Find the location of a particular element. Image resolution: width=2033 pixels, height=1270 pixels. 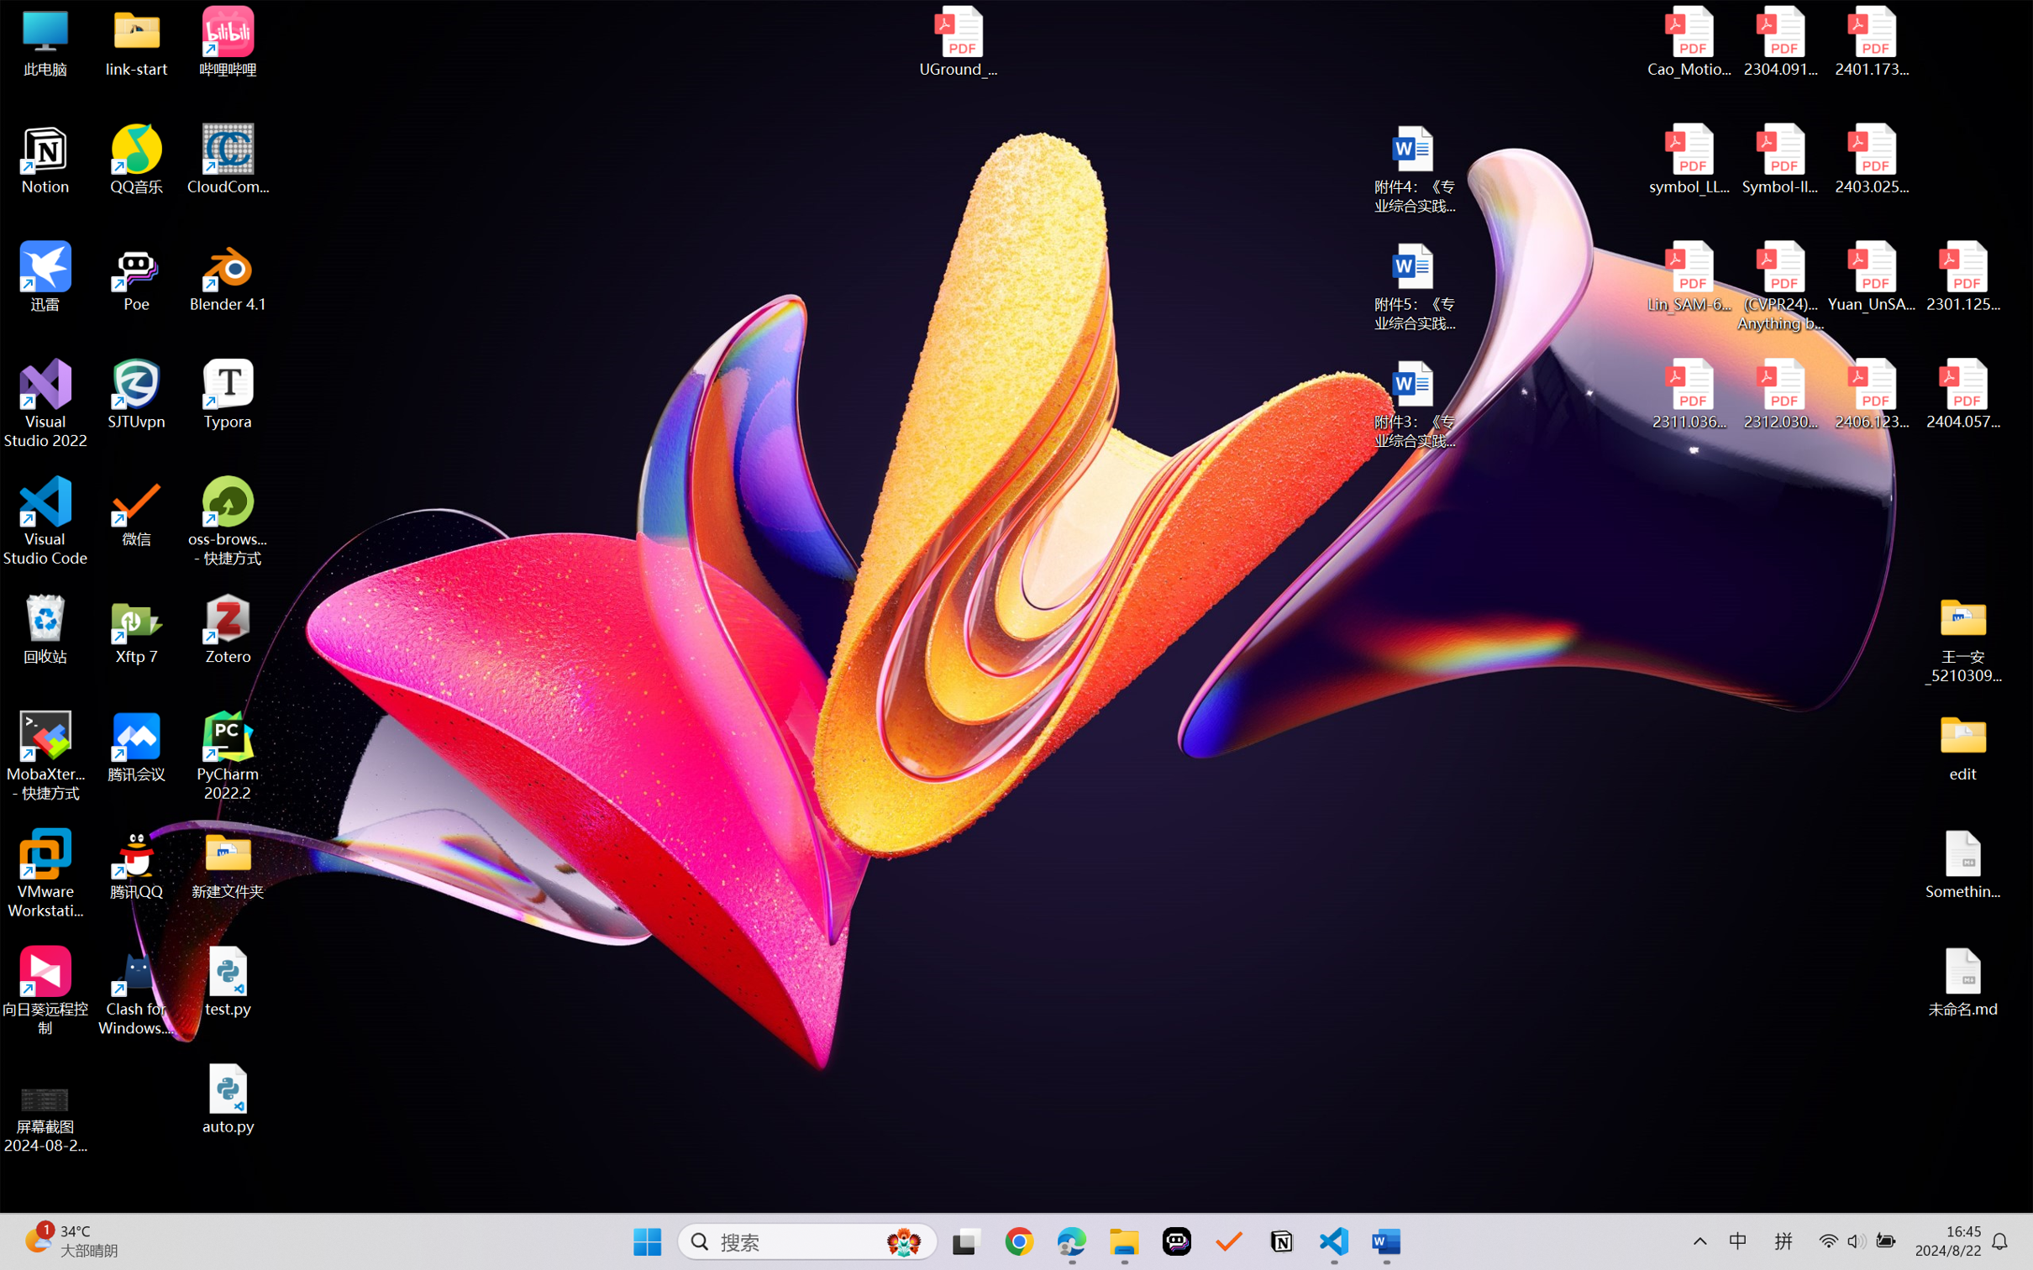

'Google Chrome' is located at coordinates (1019, 1241).